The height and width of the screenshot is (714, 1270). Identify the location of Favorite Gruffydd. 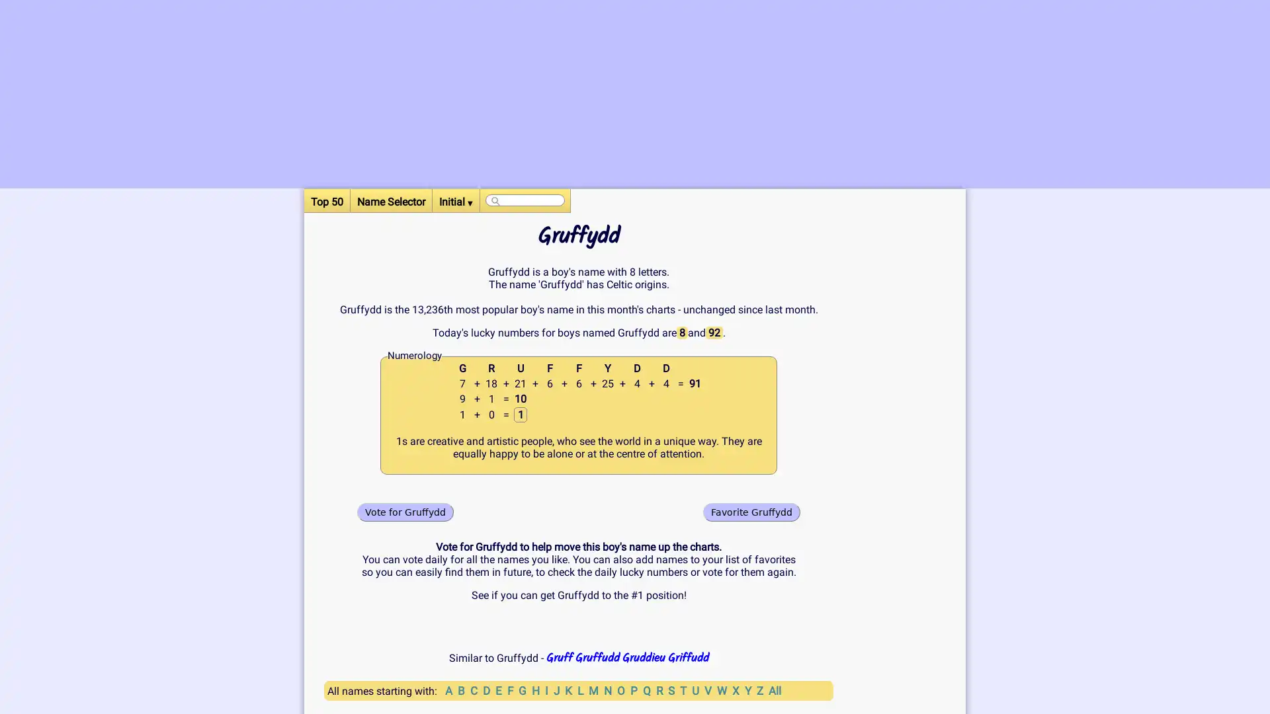
(751, 511).